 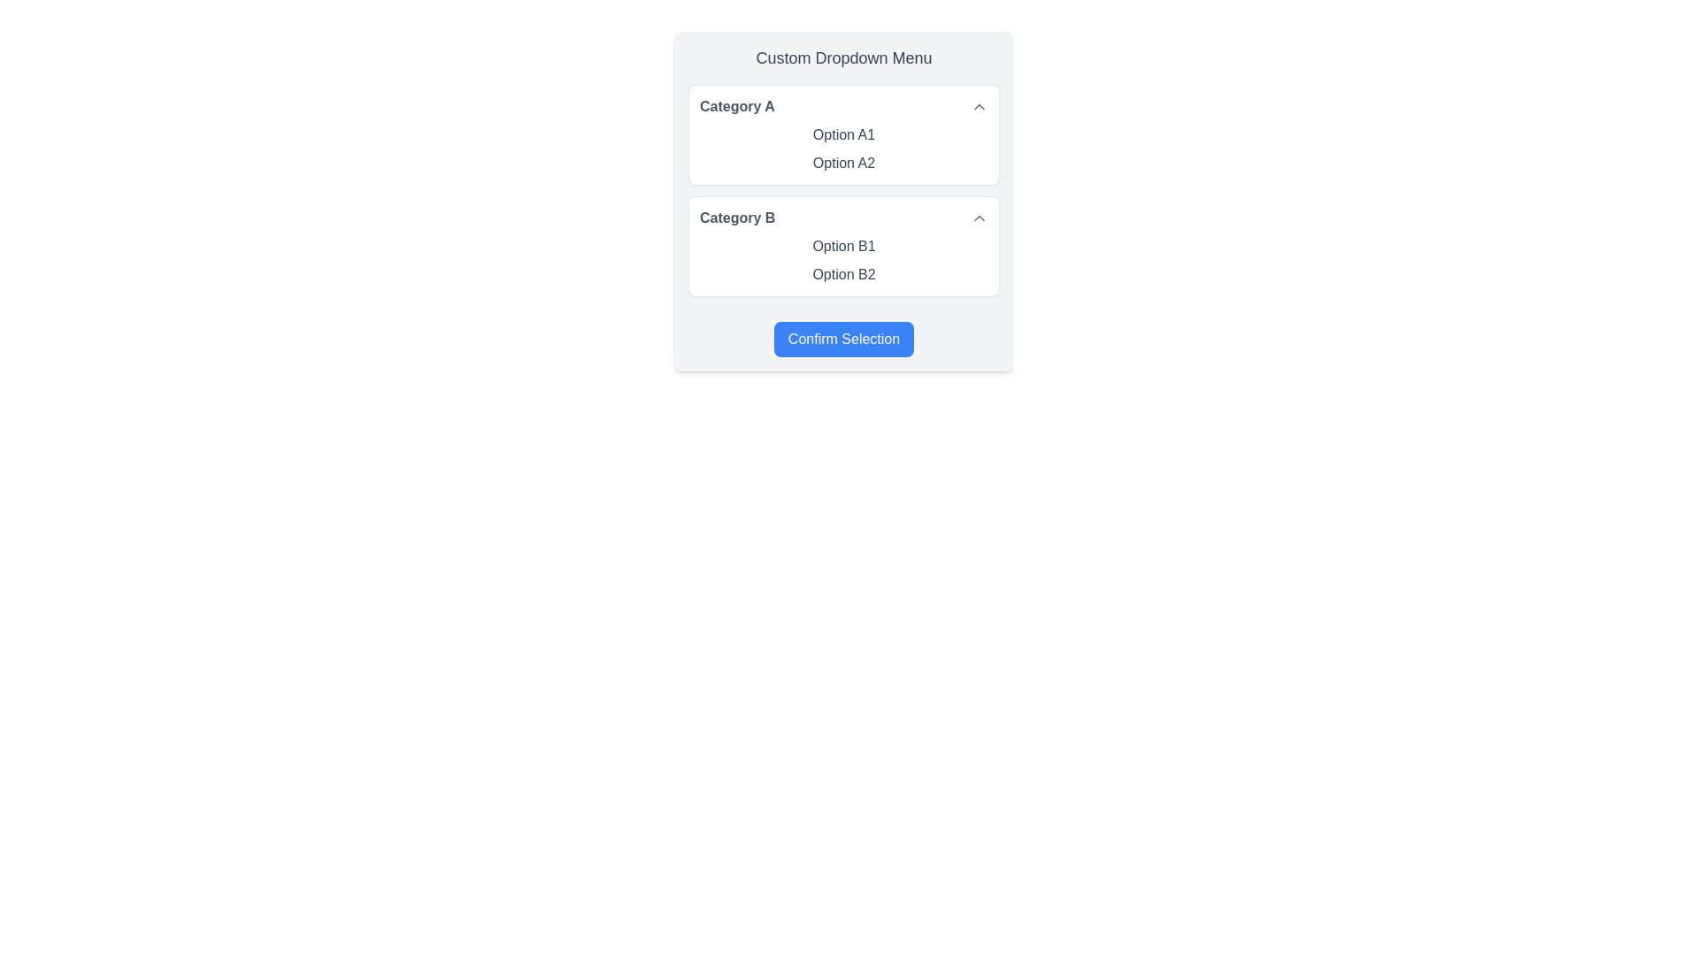 What do you see at coordinates (737, 217) in the screenshot?
I see `the 'Category B' text label in the dropdown menu, which serves as a header for related options and toggles visibility when interacted with` at bounding box center [737, 217].